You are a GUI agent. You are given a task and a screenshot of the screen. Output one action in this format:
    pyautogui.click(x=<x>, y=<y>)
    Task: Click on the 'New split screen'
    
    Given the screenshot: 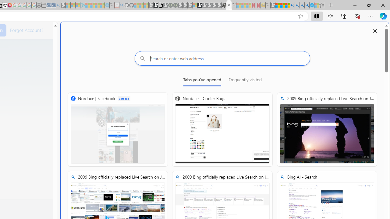 What is the action you would take?
    pyautogui.click(x=229, y=5)
    